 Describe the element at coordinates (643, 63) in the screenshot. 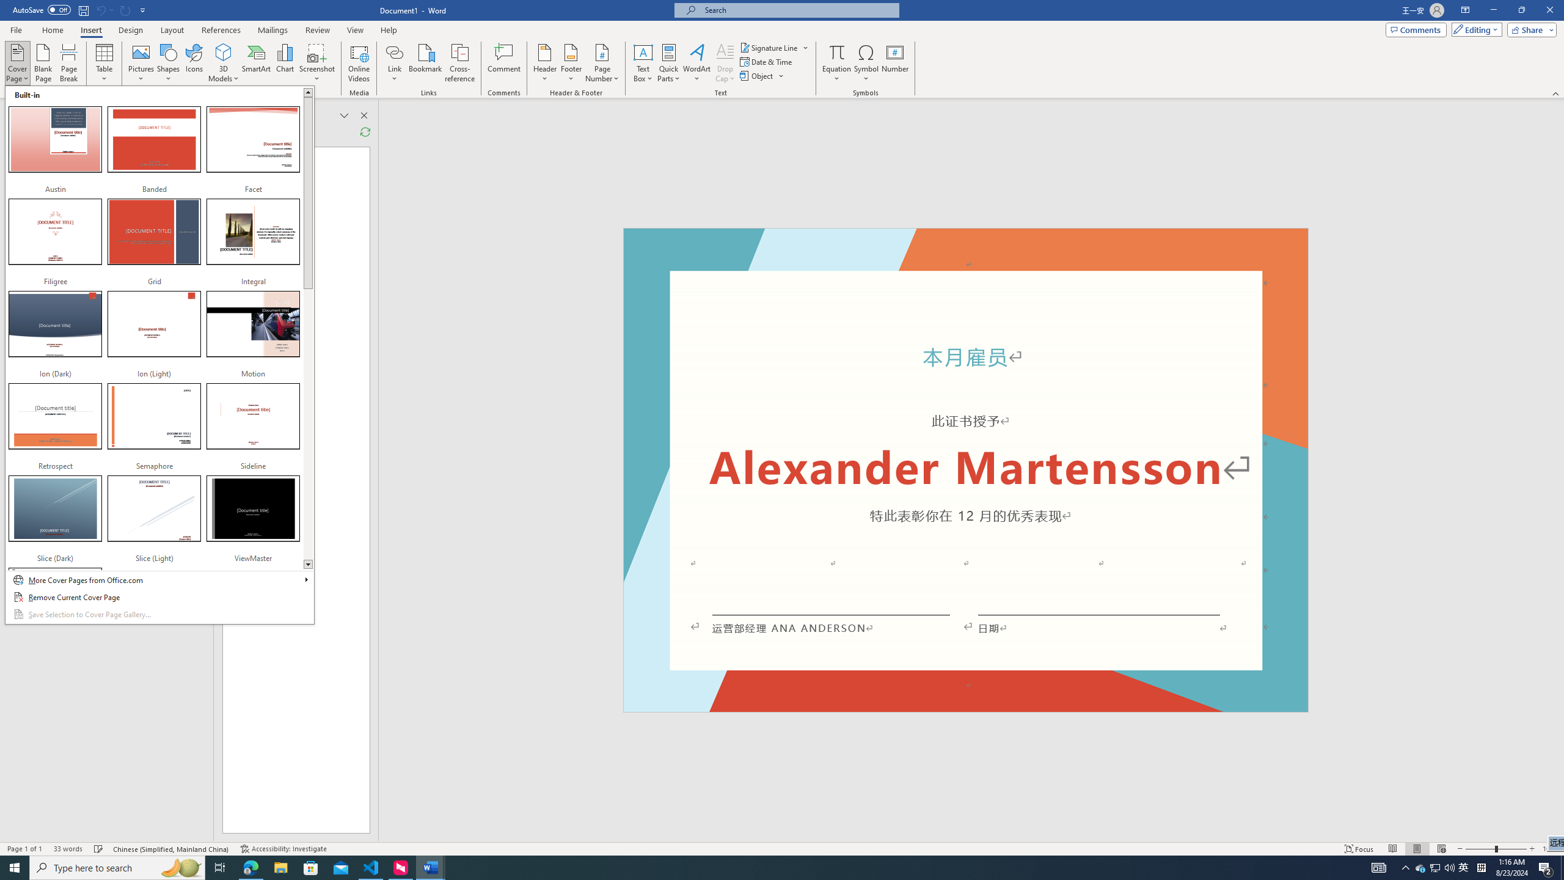

I see `'Text Box'` at that location.